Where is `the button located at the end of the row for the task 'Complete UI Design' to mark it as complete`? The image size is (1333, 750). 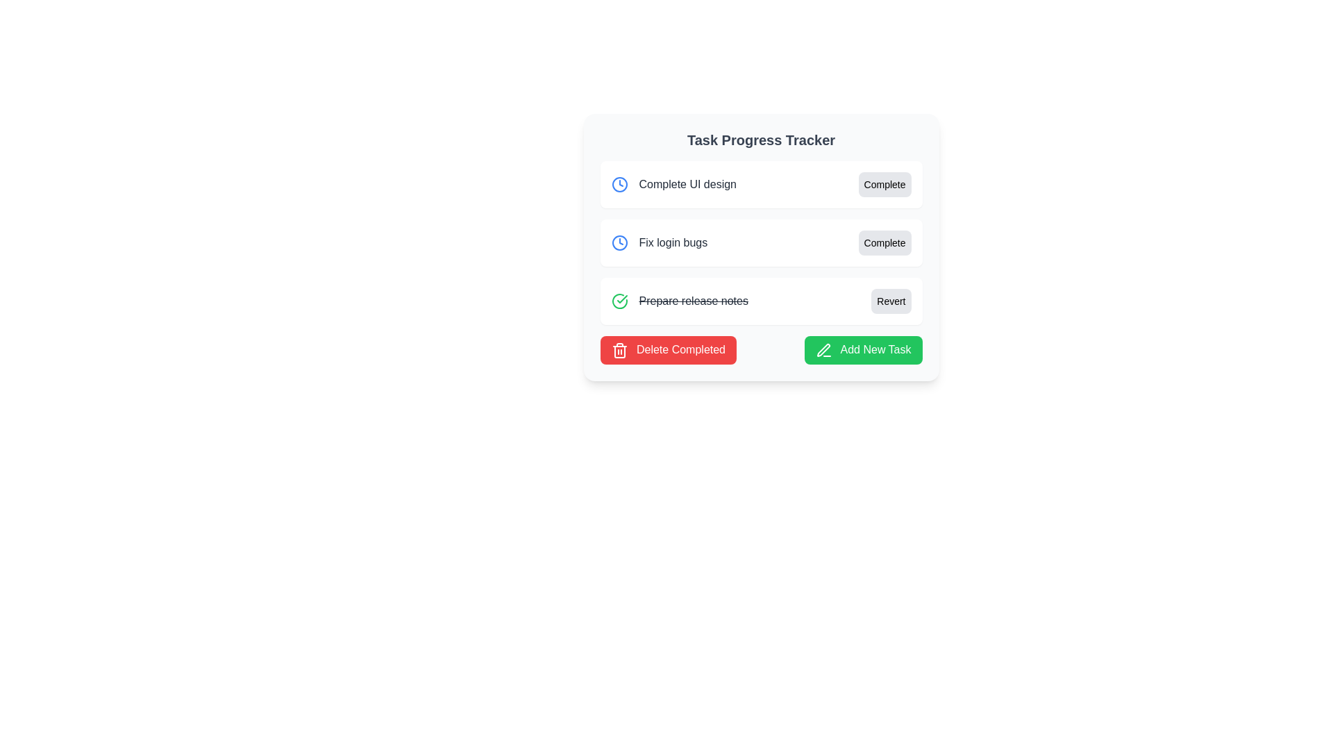 the button located at the end of the row for the task 'Complete UI Design' to mark it as complete is located at coordinates (884, 184).